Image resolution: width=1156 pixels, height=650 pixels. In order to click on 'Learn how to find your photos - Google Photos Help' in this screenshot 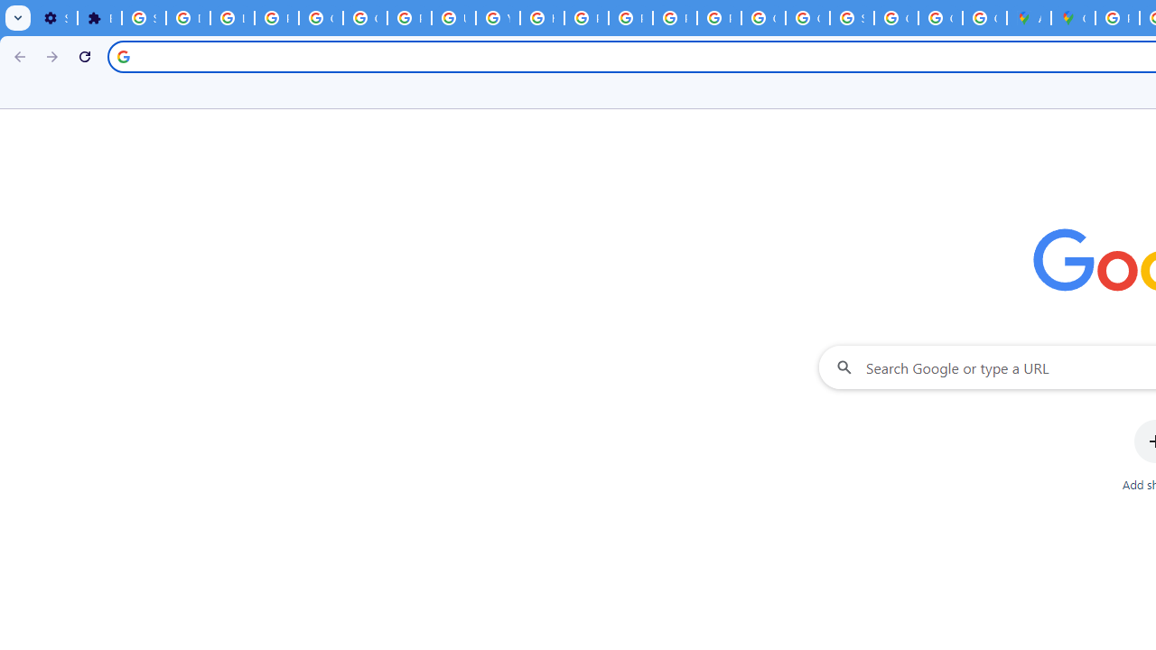, I will do `click(231, 18)`.